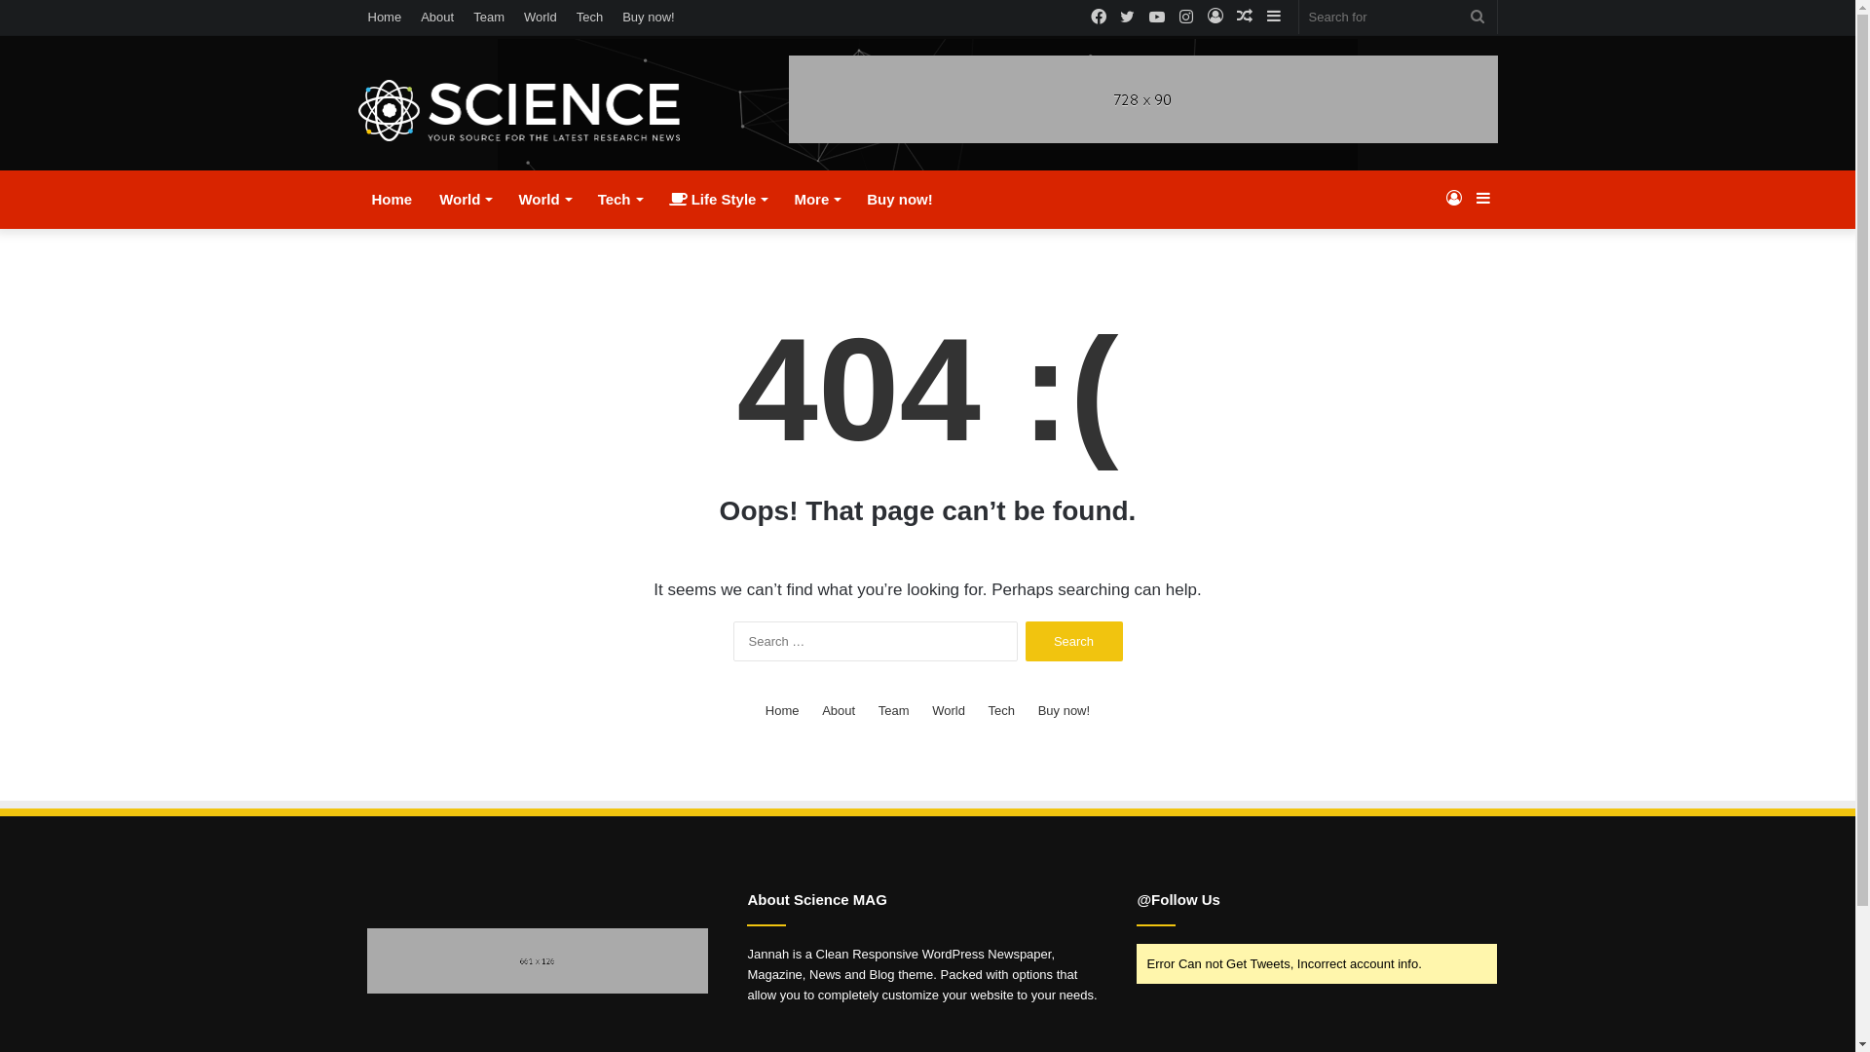 This screenshot has height=1052, width=1870. What do you see at coordinates (1083, 18) in the screenshot?
I see `'Facebook'` at bounding box center [1083, 18].